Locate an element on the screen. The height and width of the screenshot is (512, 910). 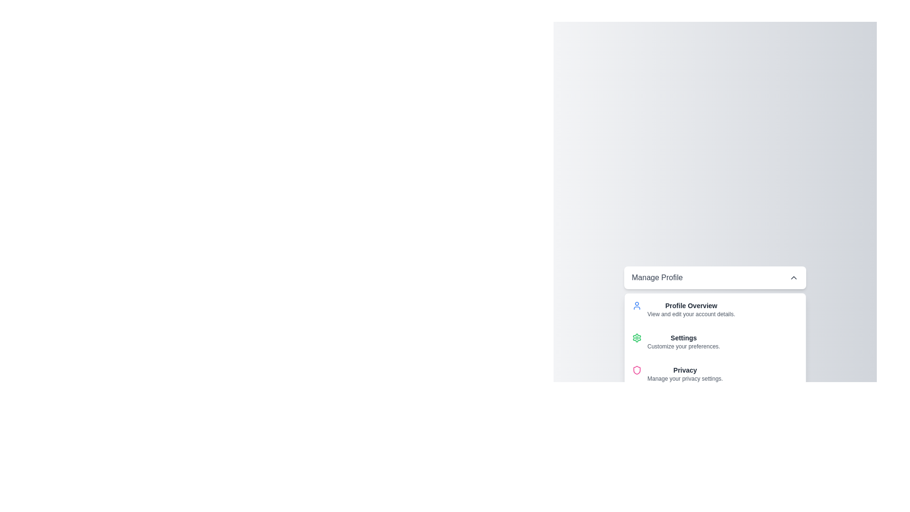
the chevron SVG icon representing a dropdown control for the 'Manage Profile' button is located at coordinates (794, 277).